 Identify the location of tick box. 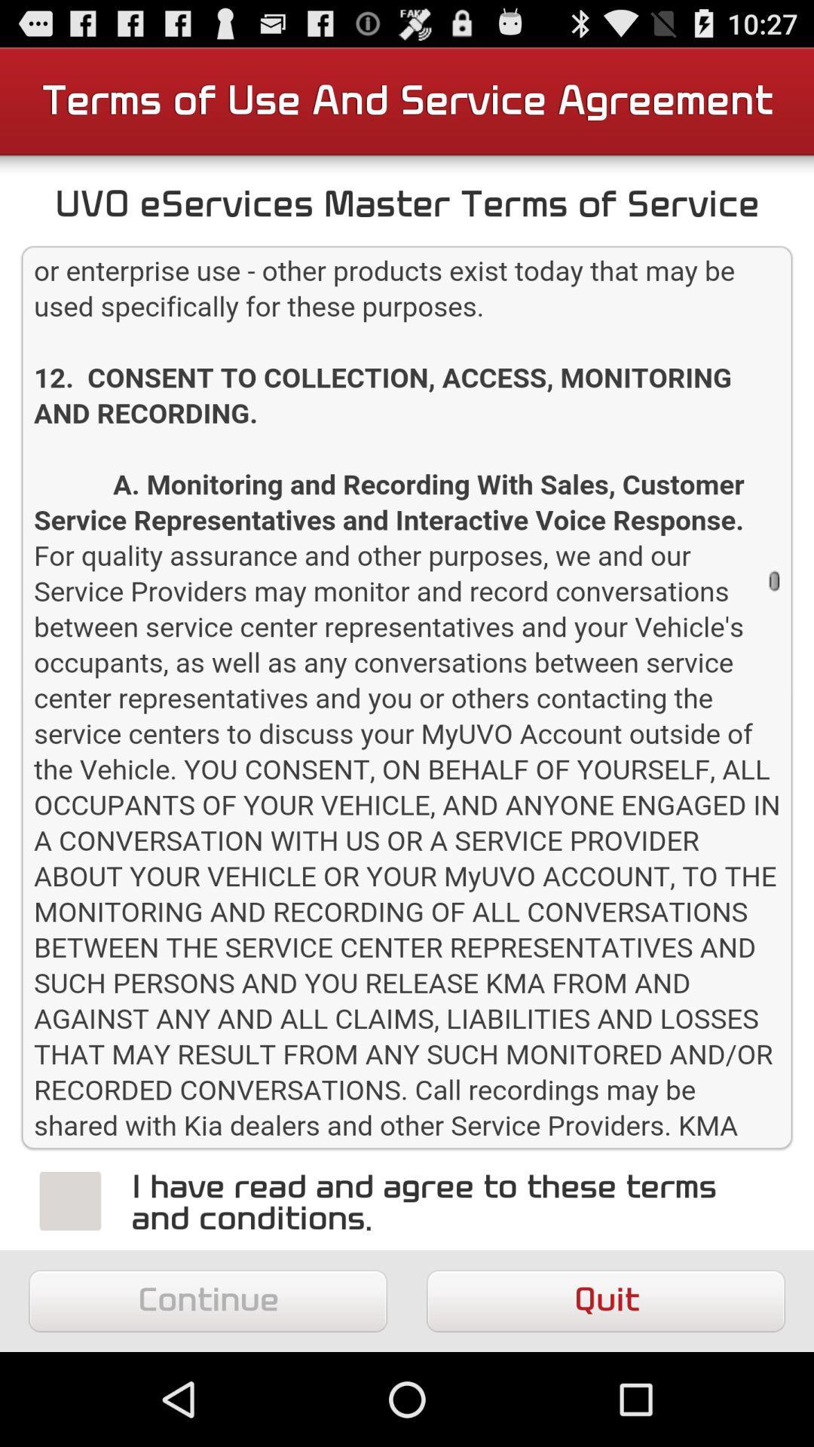
(70, 1200).